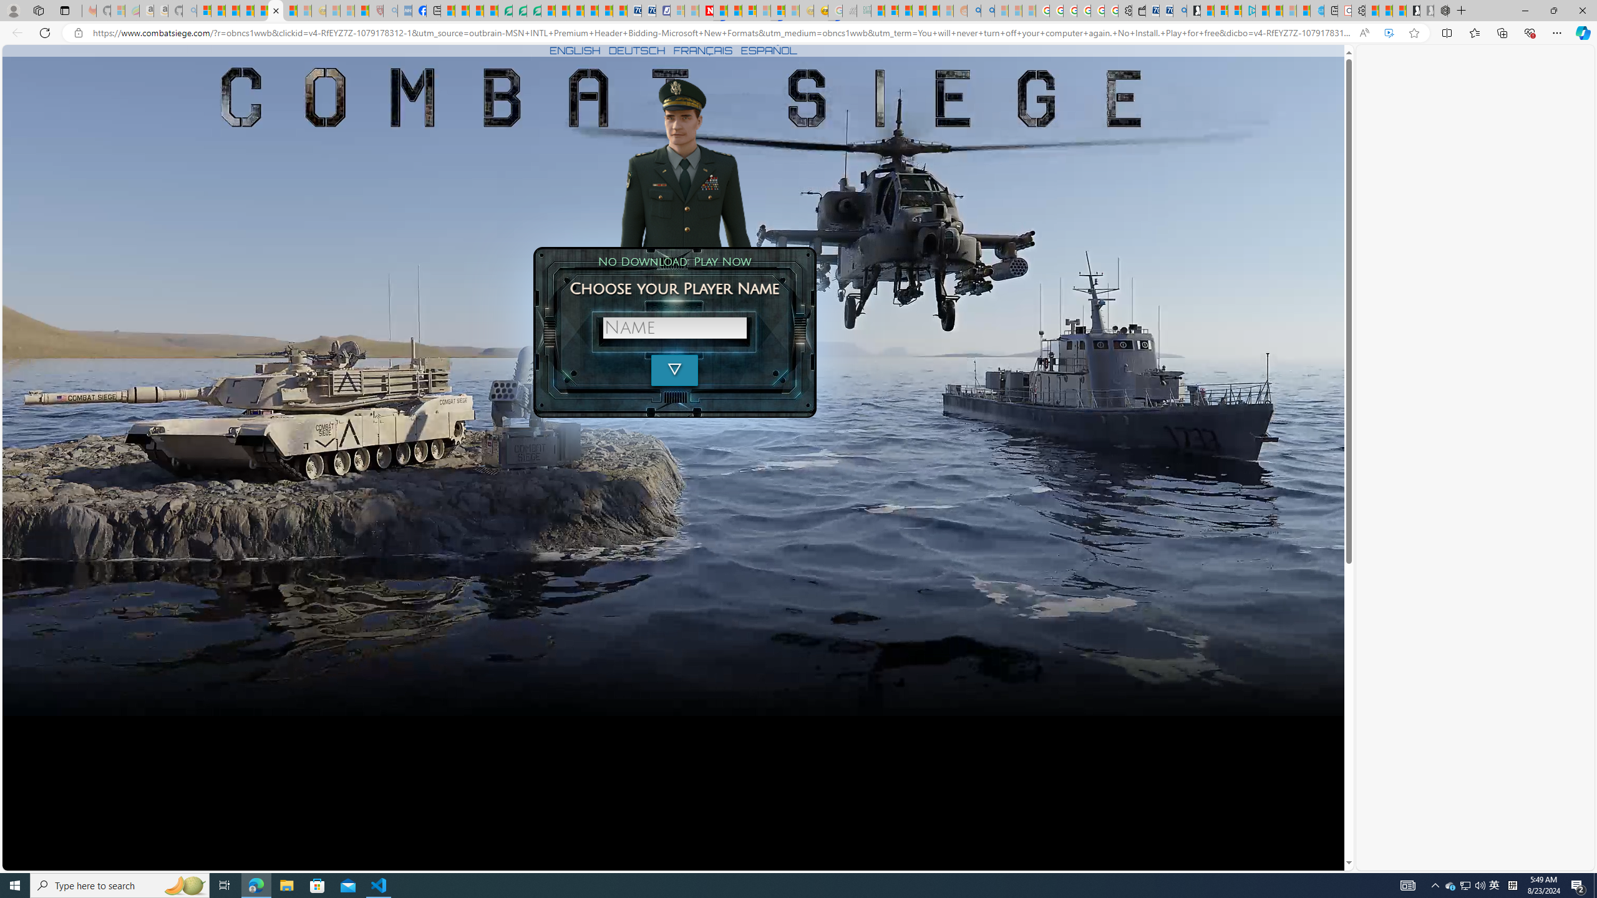  Describe the element at coordinates (734, 10) in the screenshot. I see `'14 Common Myths Debunked By Scientific Facts'` at that location.